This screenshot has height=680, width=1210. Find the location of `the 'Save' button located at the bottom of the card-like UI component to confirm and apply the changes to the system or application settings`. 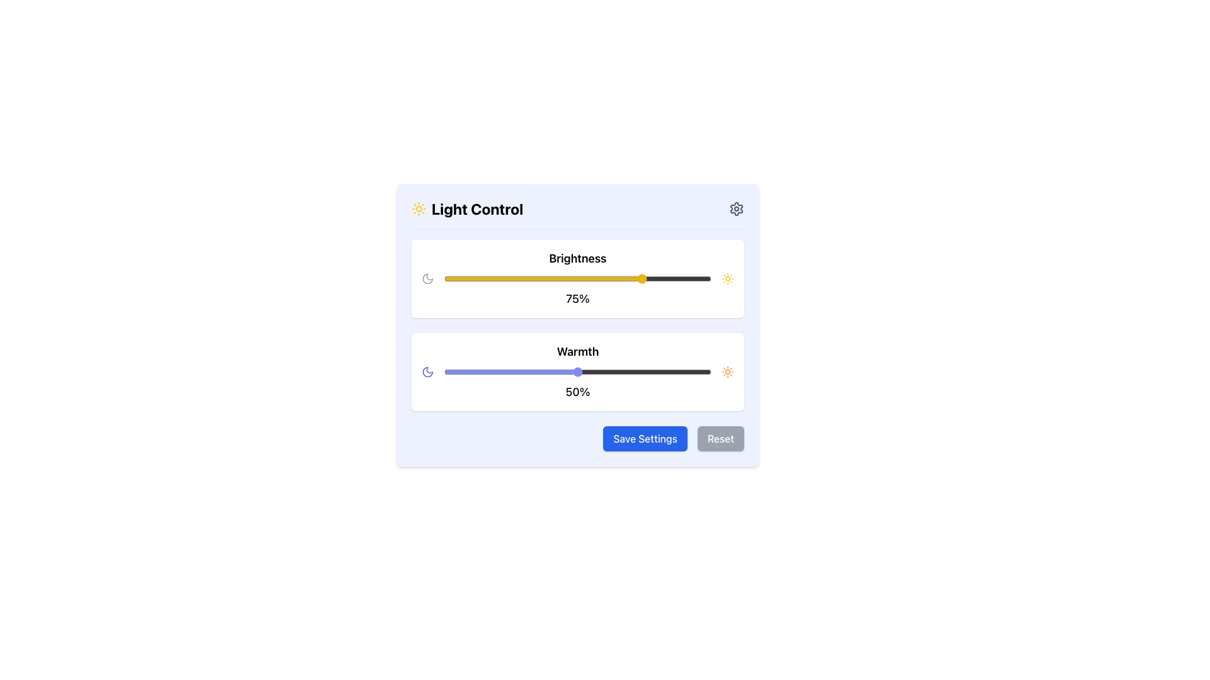

the 'Save' button located at the bottom of the card-like UI component to confirm and apply the changes to the system or application settings is located at coordinates (645, 438).